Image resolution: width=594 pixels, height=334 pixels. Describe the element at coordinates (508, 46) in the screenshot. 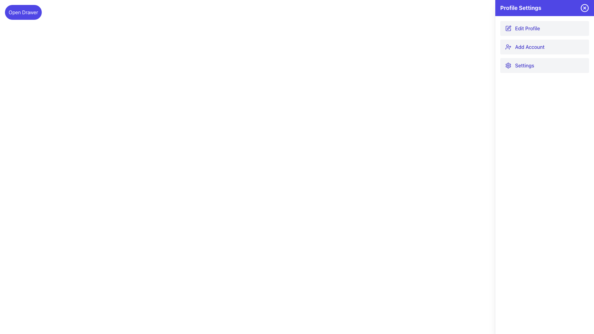

I see `the icon that represents the functionality of adding a new account, which is located to the left of the 'Add Account' text in the 'Profile Settings' section of the side panel` at that location.